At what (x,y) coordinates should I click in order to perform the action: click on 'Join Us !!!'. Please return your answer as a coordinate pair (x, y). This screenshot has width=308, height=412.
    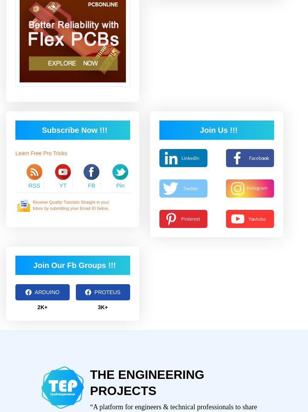
    Looking at the image, I should click on (218, 130).